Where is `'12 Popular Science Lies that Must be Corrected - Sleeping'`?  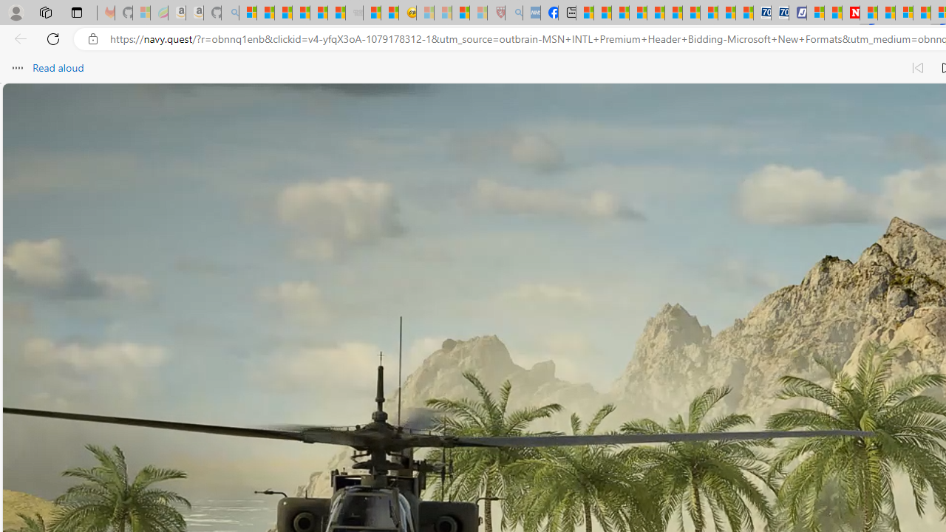
'12 Popular Science Lies that Must be Corrected - Sleeping' is located at coordinates (478, 13).